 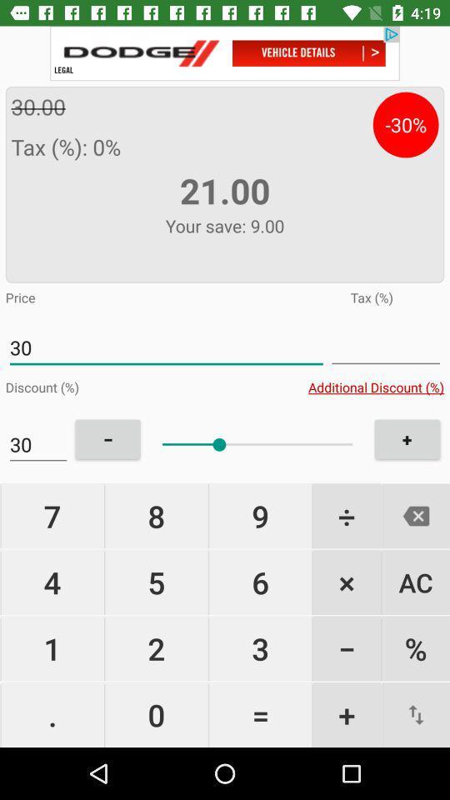 I want to click on open number keyboard, so click(x=386, y=347).